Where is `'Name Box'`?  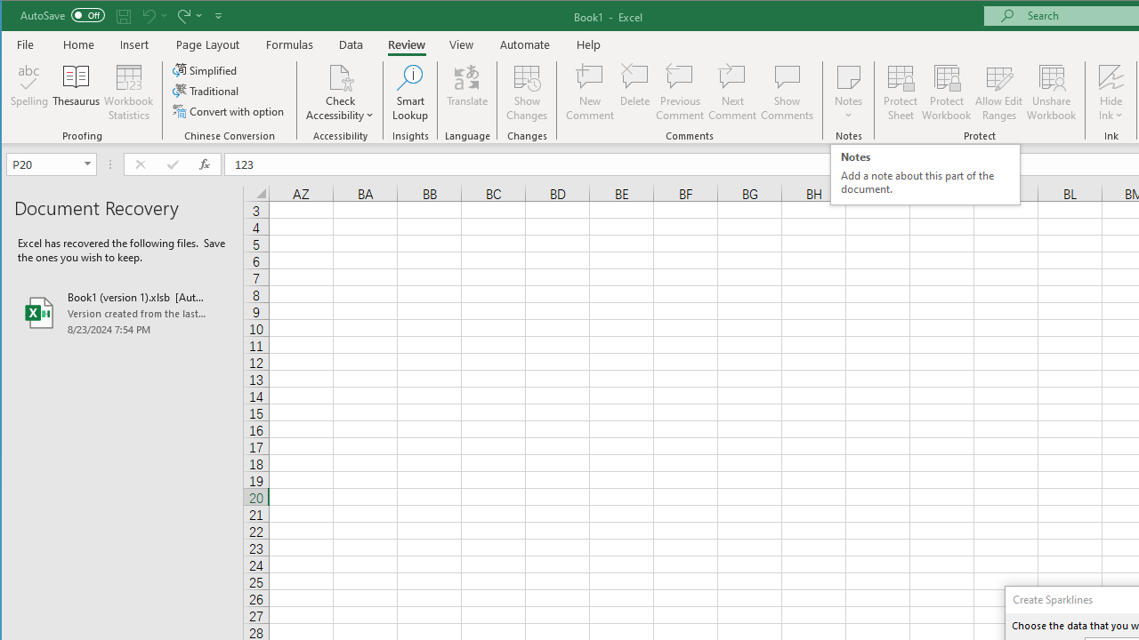 'Name Box' is located at coordinates (44, 164).